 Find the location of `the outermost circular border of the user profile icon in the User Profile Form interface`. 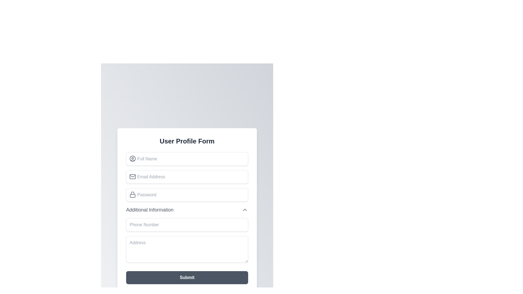

the outermost circular border of the user profile icon in the User Profile Form interface is located at coordinates (132, 158).